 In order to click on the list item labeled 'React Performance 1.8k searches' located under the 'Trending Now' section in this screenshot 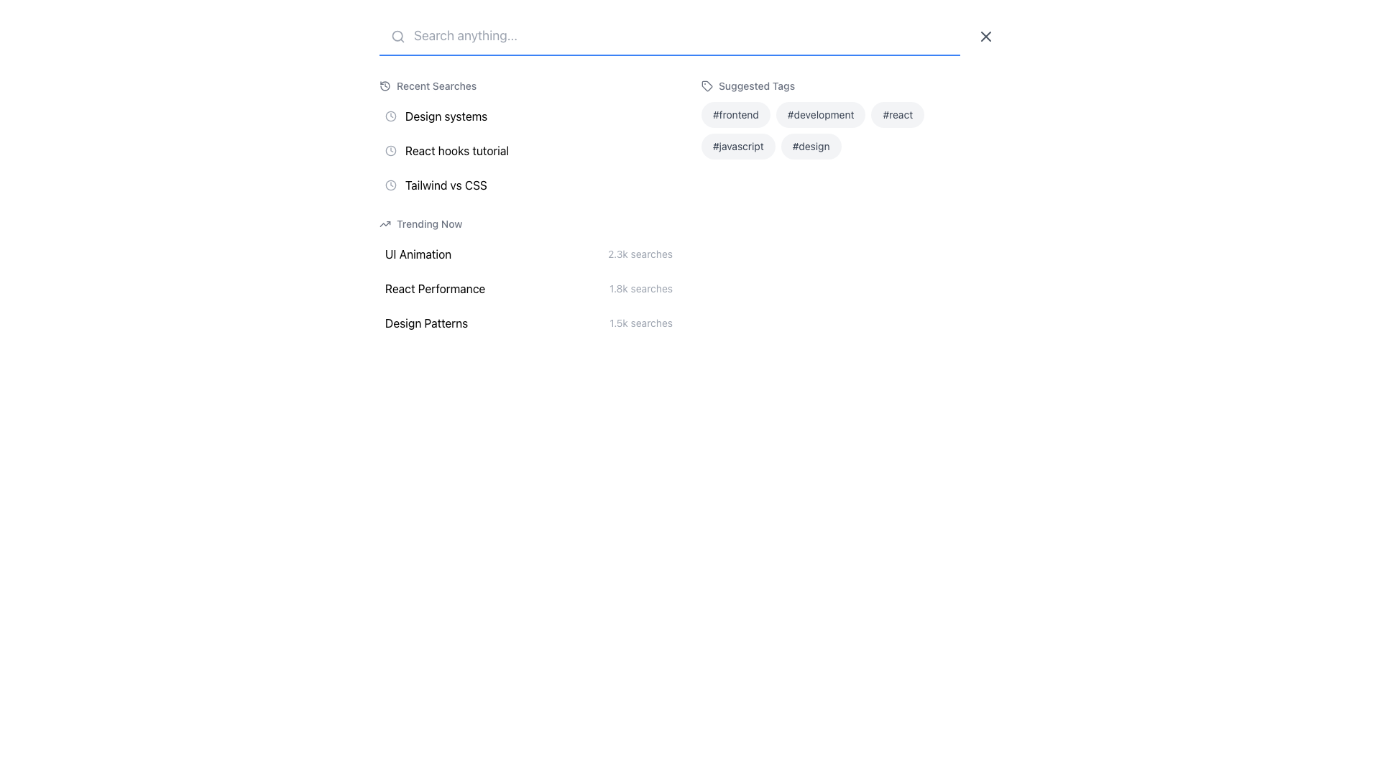, I will do `click(528, 277)`.